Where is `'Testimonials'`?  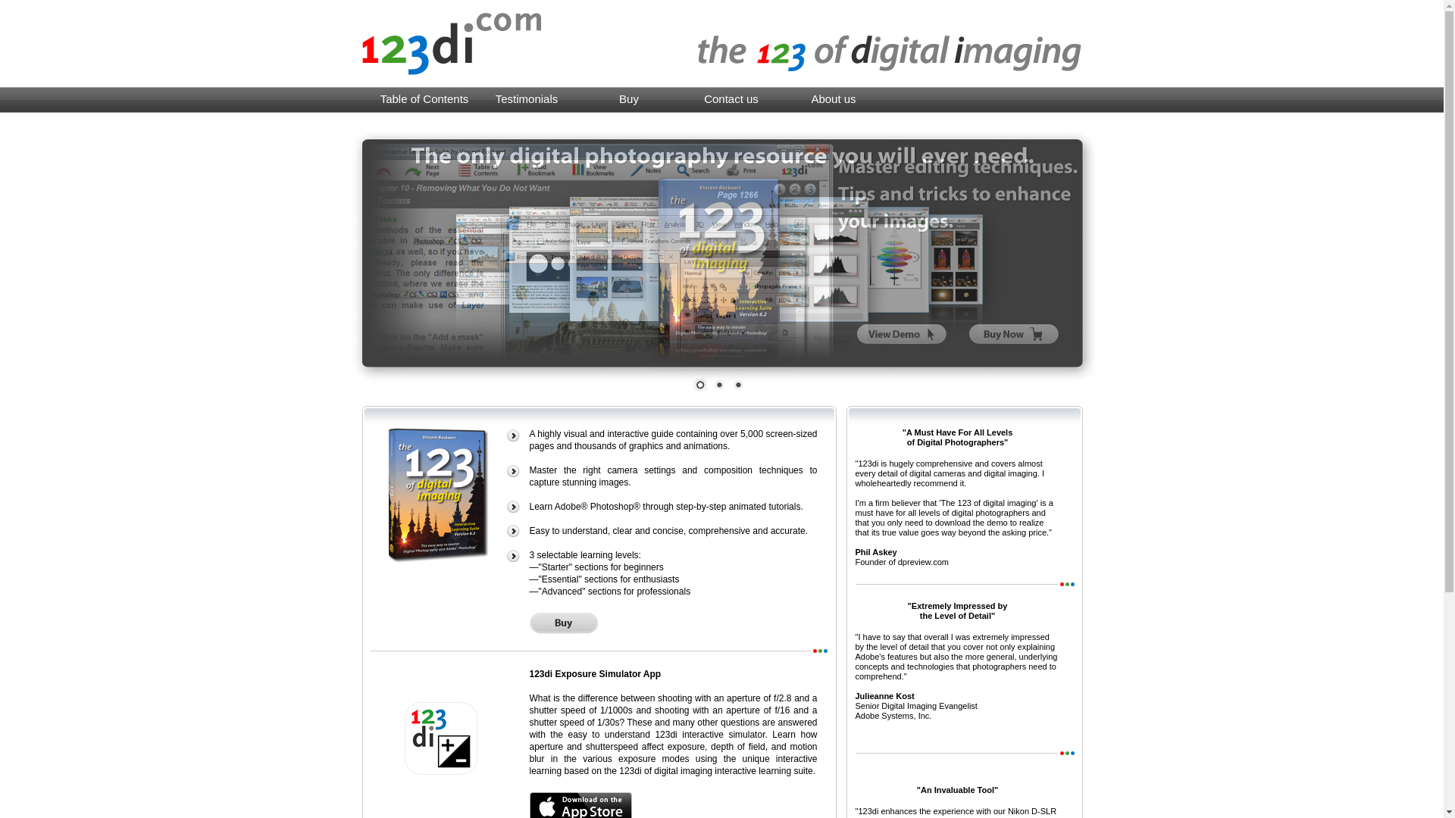 'Testimonials' is located at coordinates (527, 99).